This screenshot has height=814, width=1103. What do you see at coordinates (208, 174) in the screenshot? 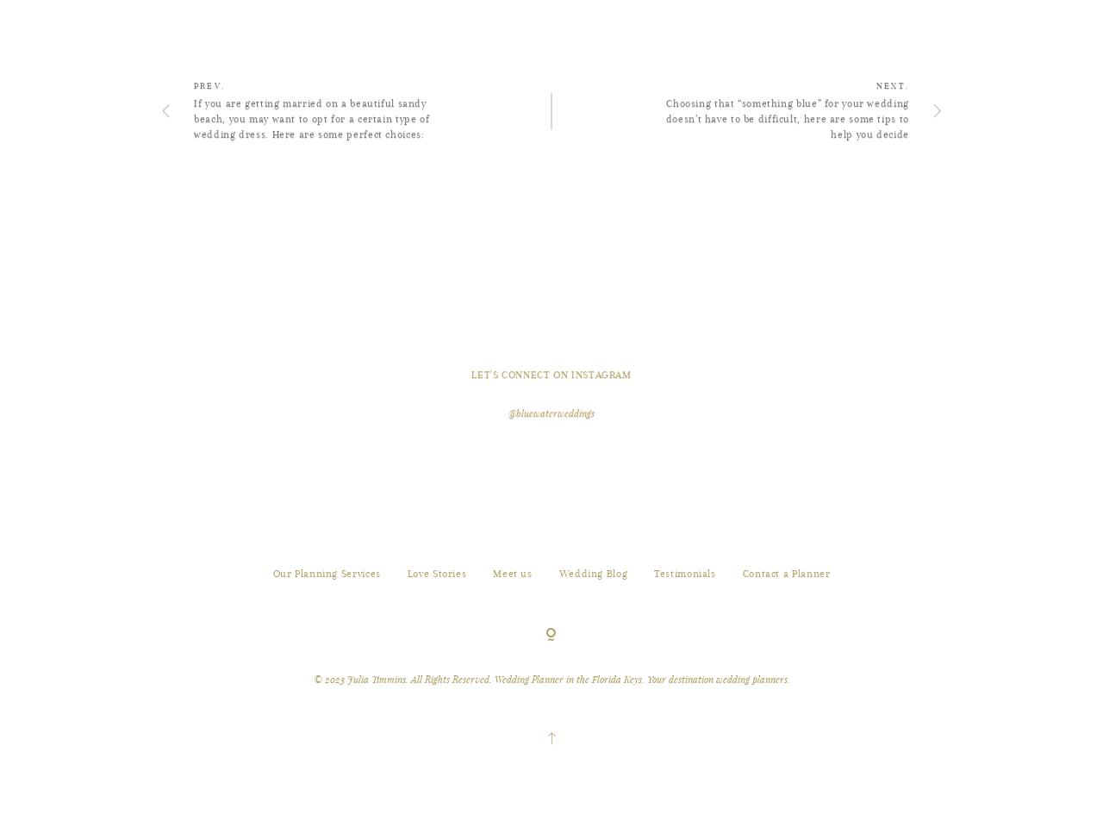
I see `'PREV.'` at bounding box center [208, 174].